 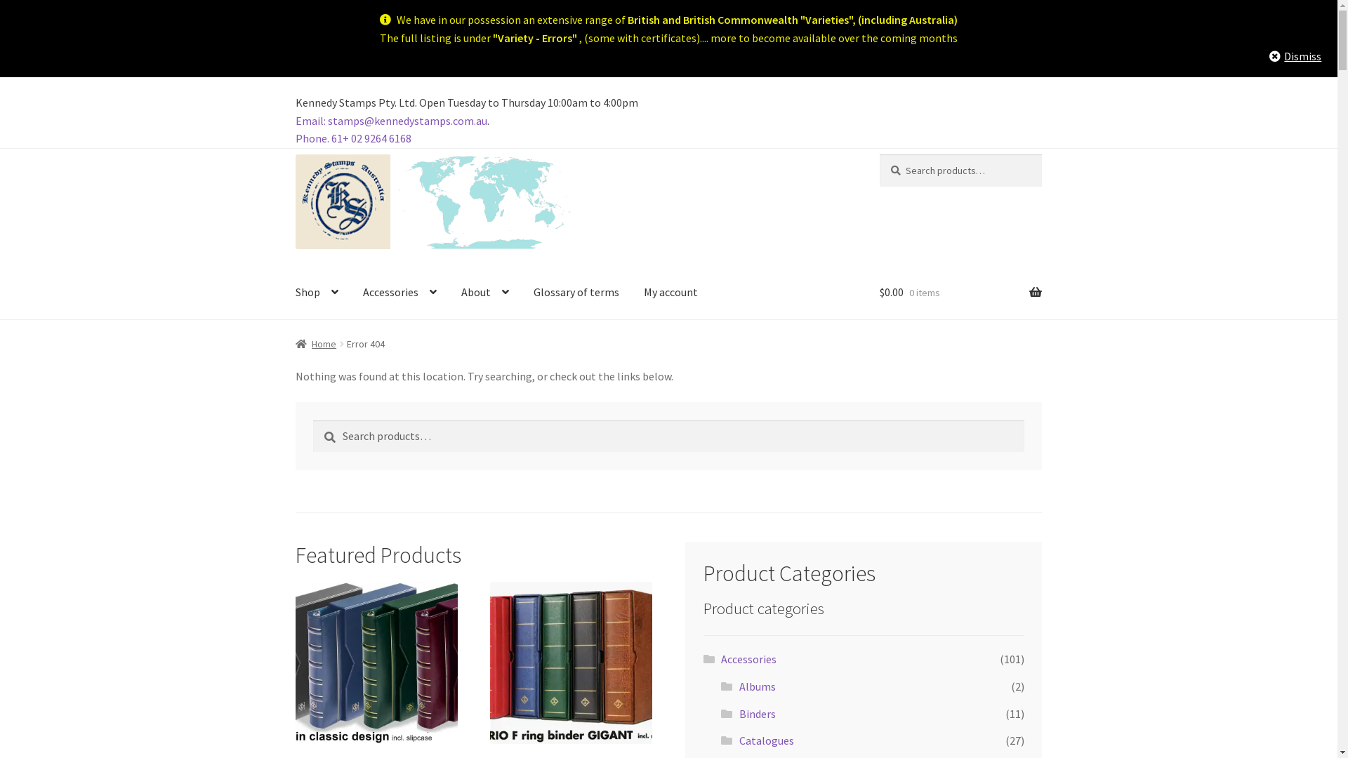 What do you see at coordinates (766, 740) in the screenshot?
I see `'Catalogues'` at bounding box center [766, 740].